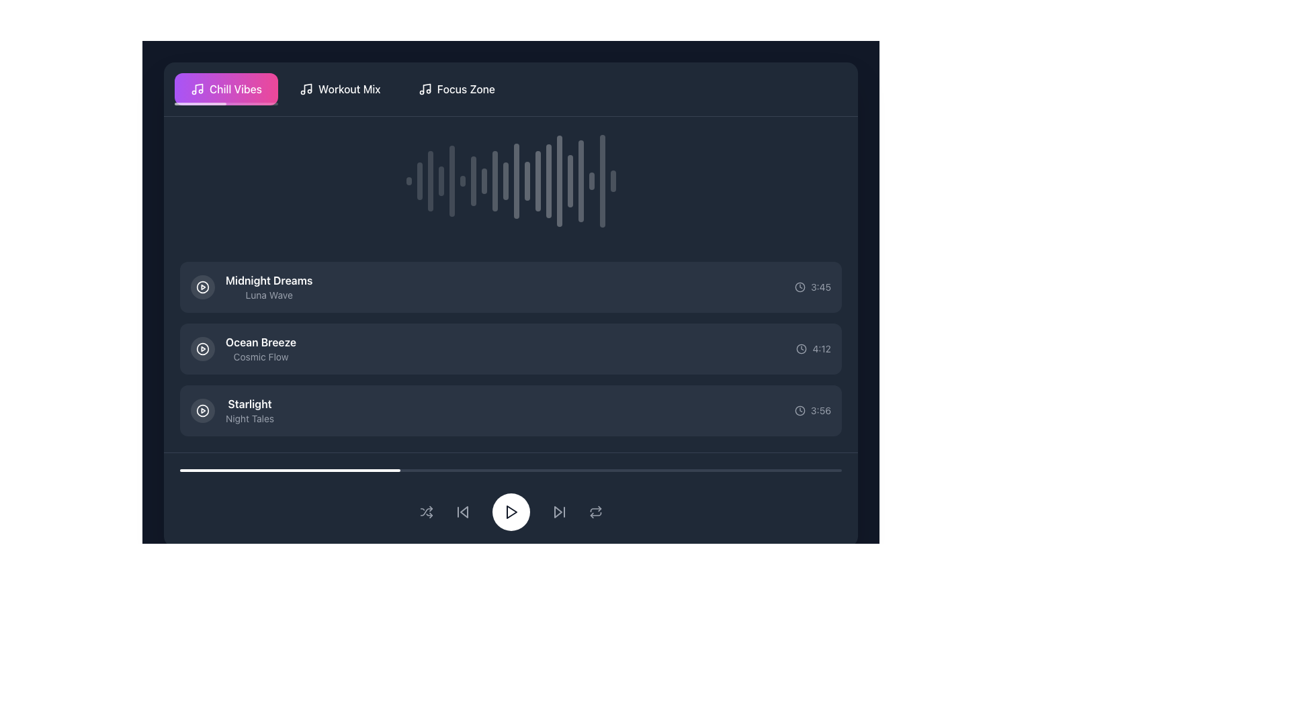  I want to click on the 10th vertical bar of the waveform visualization, which is styled with a translucent white color and has a pulsing effect, so click(505, 181).